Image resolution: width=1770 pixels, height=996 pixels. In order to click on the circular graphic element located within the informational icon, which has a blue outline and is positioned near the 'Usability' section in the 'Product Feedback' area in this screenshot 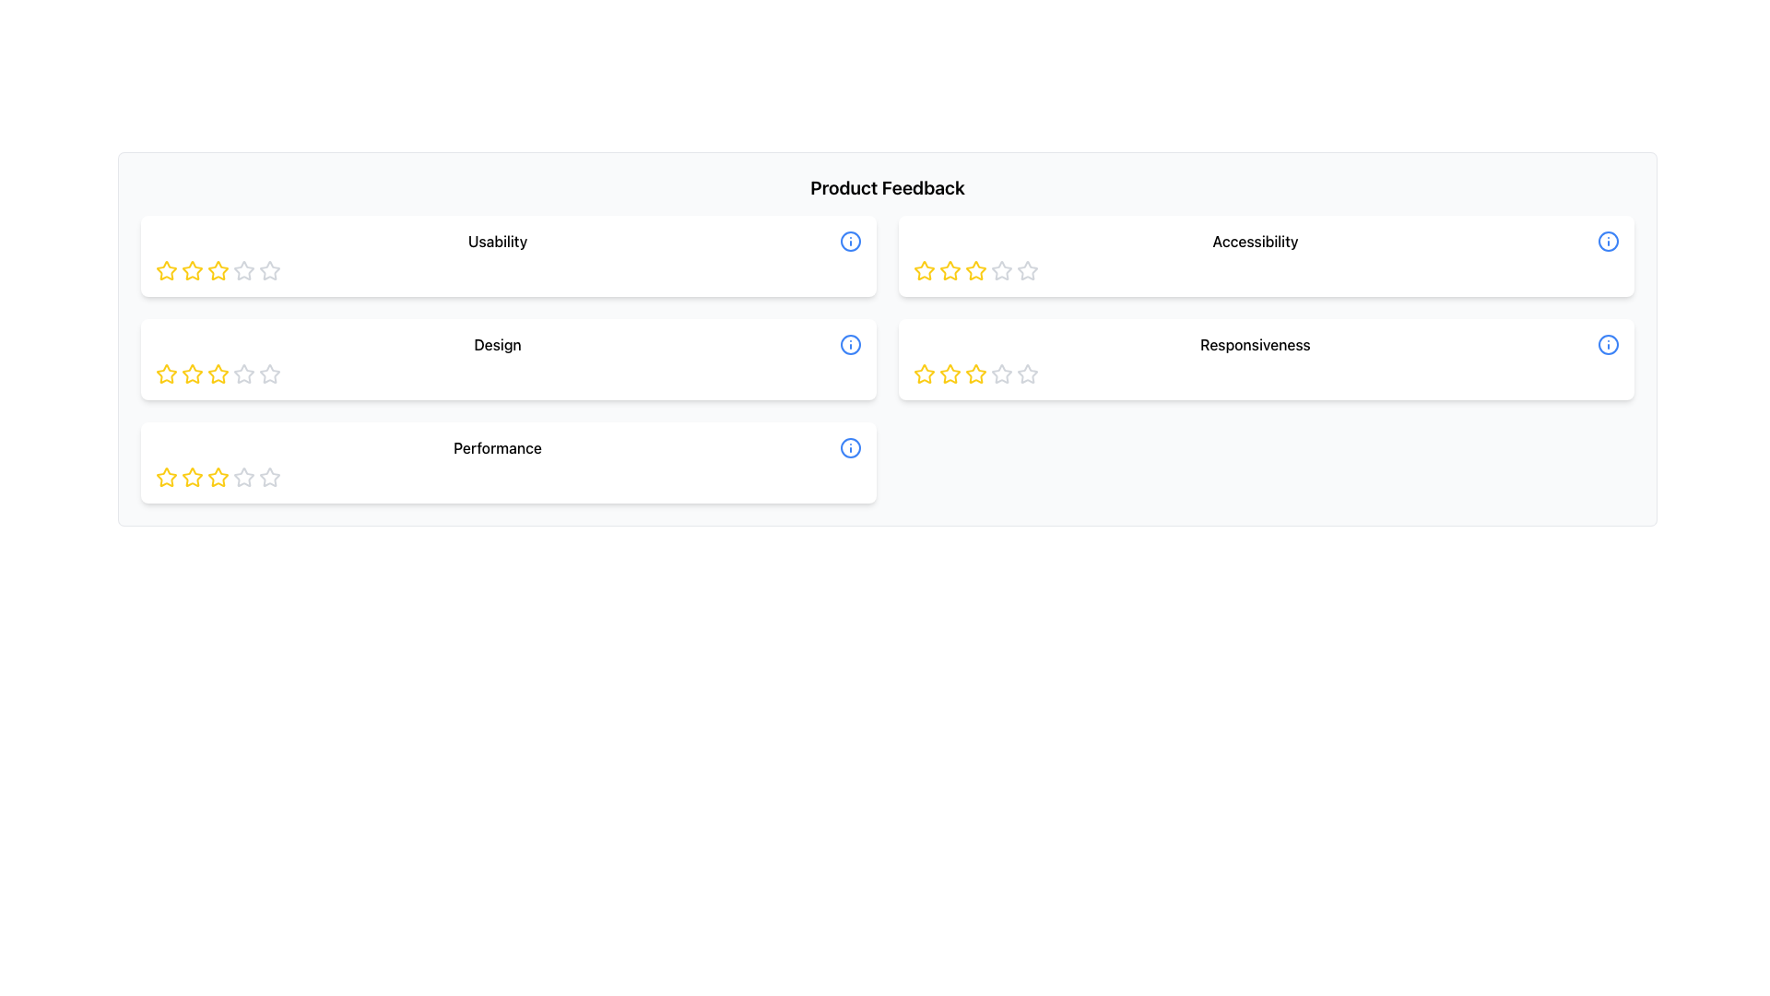, I will do `click(849, 241)`.